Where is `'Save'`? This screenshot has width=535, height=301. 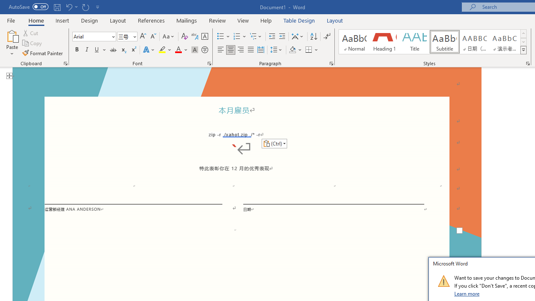
'Save' is located at coordinates (56, 7).